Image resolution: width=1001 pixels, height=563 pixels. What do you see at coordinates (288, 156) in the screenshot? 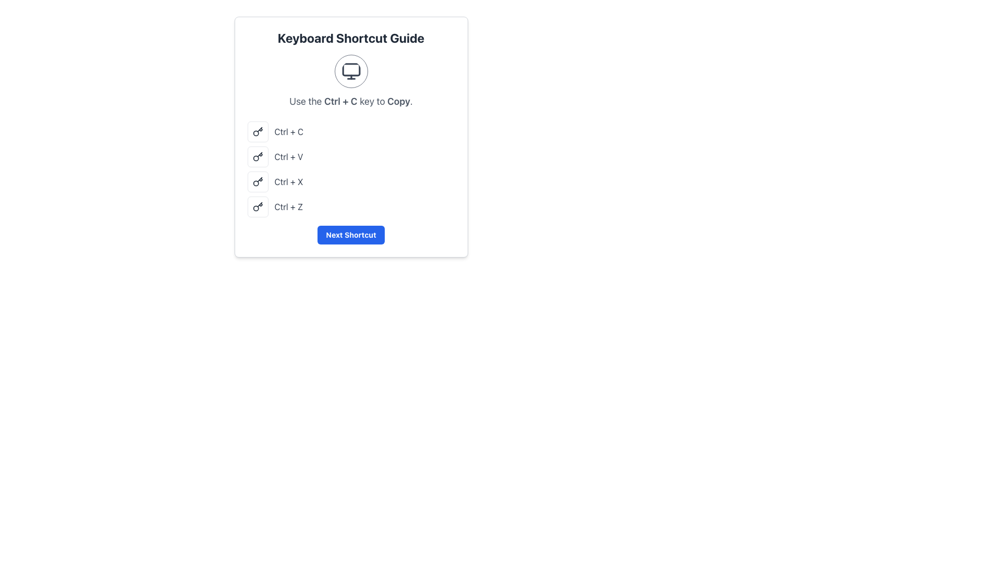
I see `the text element displaying 'Ctrl + V', which is styled in gray and positioned as the second text entry in a vertical list of keyboard shortcuts` at bounding box center [288, 156].